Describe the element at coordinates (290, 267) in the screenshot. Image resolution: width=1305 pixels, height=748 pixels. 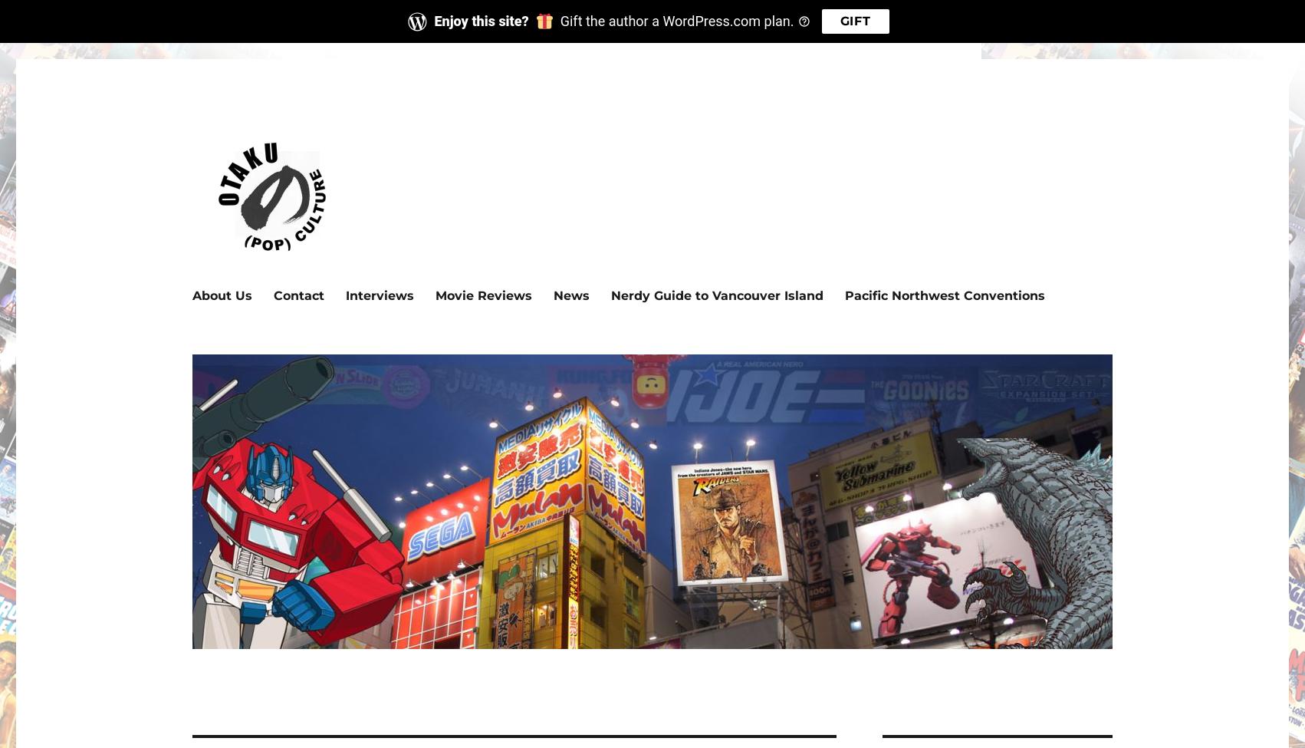
I see `'Exploring pop culture 'round the world.'` at that location.